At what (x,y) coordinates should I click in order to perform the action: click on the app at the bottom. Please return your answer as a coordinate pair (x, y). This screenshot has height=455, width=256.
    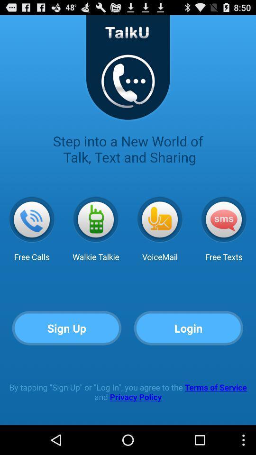
    Looking at the image, I should click on (128, 392).